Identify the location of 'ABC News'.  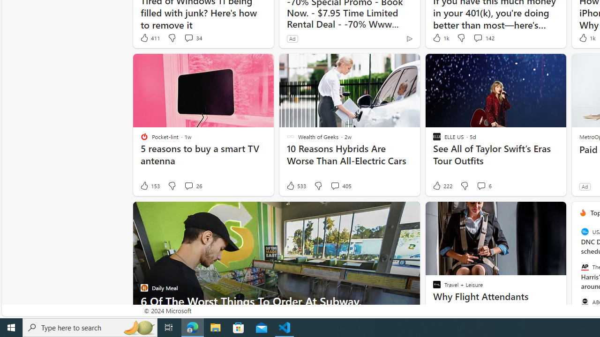
(584, 301).